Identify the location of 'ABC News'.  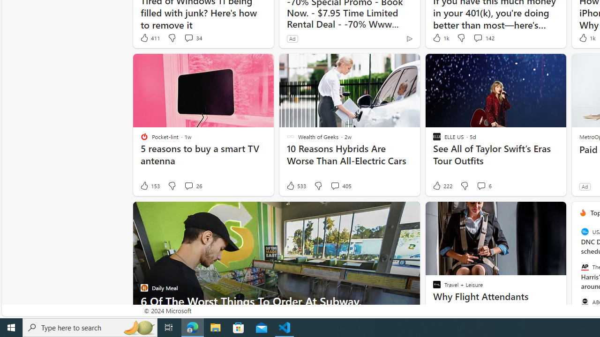
(584, 301).